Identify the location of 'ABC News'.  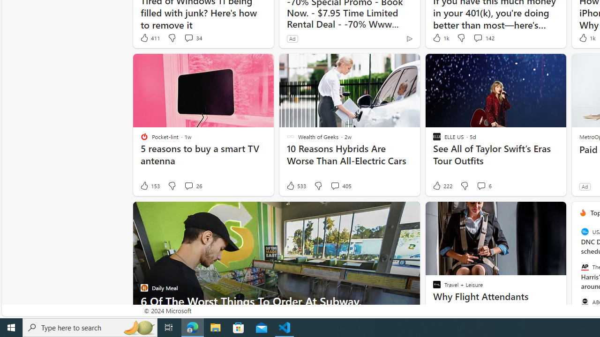
(584, 301).